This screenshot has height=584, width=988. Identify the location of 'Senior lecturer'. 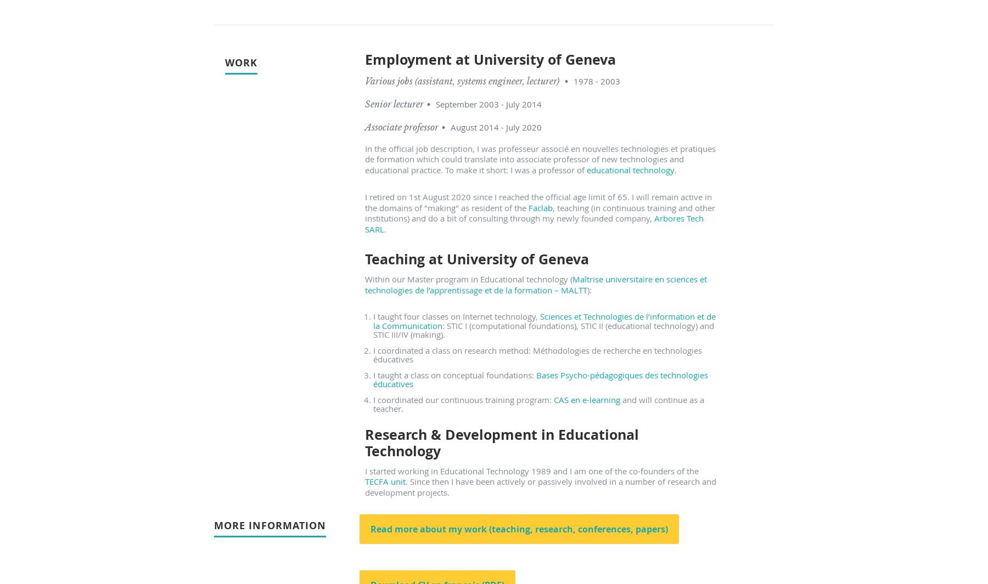
(394, 103).